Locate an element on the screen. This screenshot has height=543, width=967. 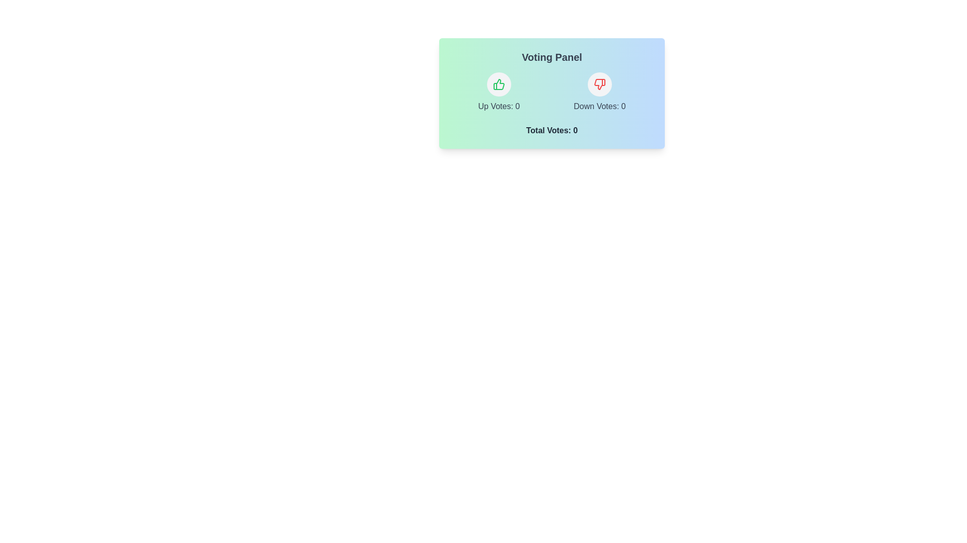
the 'Down Votes' button in the 'Voting Panel' is located at coordinates (599, 84).